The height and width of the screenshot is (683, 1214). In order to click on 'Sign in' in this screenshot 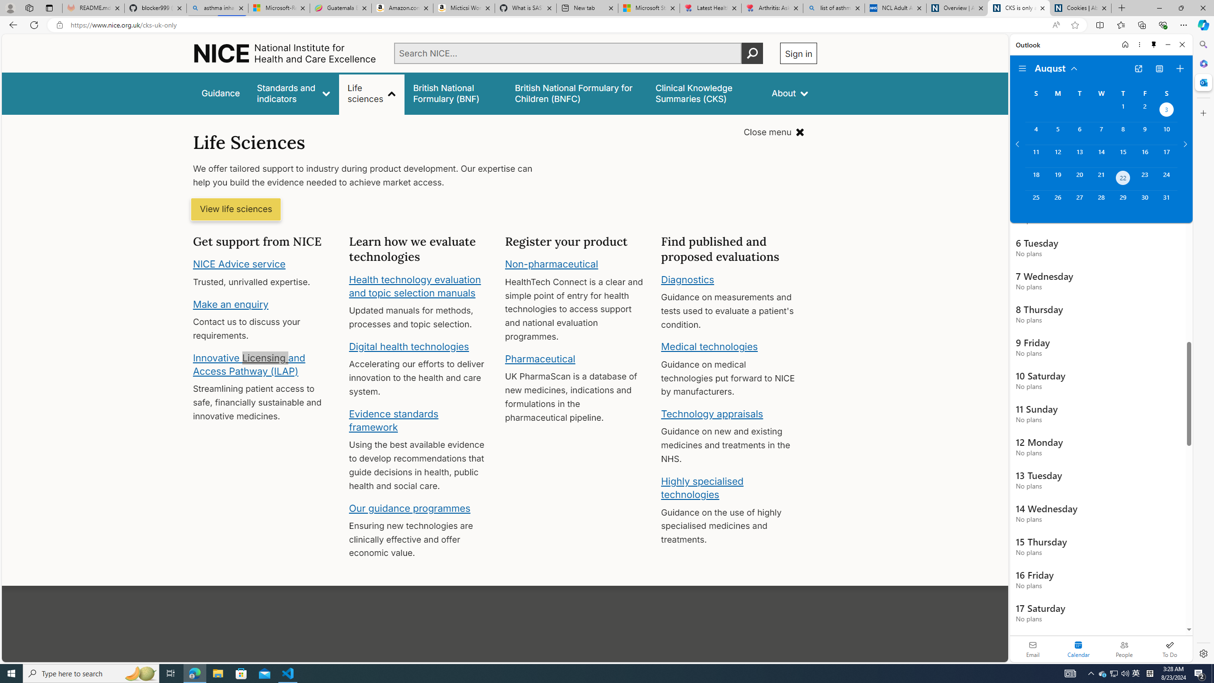, I will do `click(798, 53)`.